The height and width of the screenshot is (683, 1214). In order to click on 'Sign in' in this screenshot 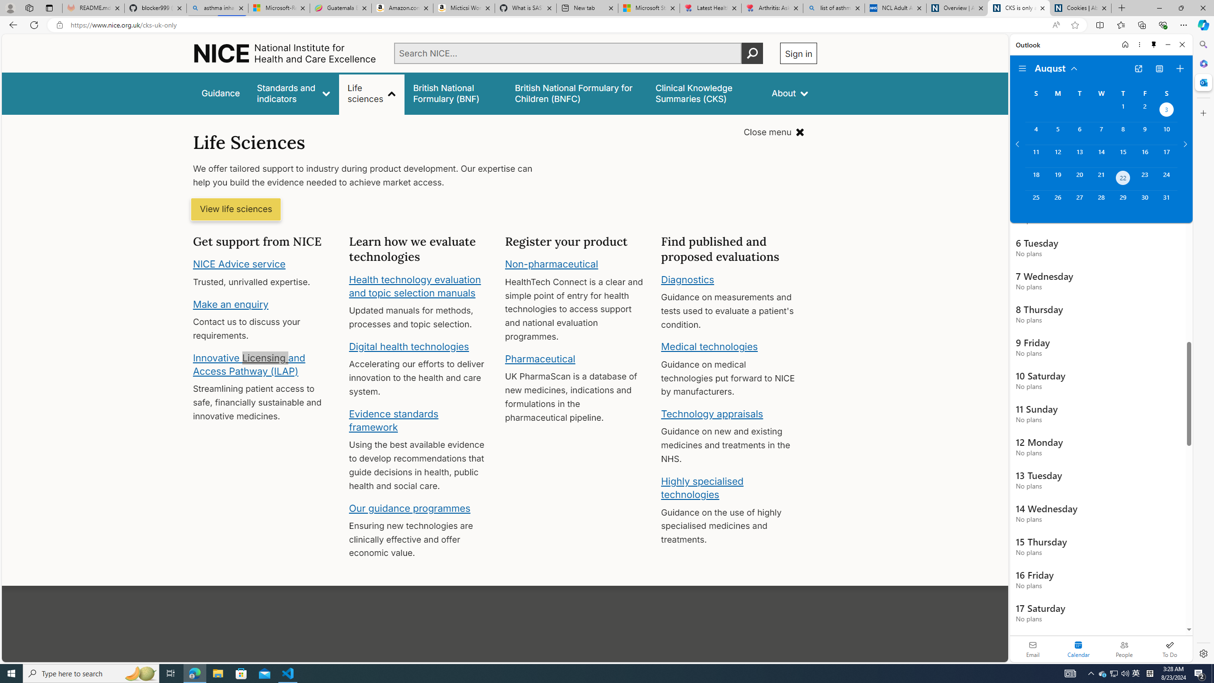, I will do `click(798, 53)`.